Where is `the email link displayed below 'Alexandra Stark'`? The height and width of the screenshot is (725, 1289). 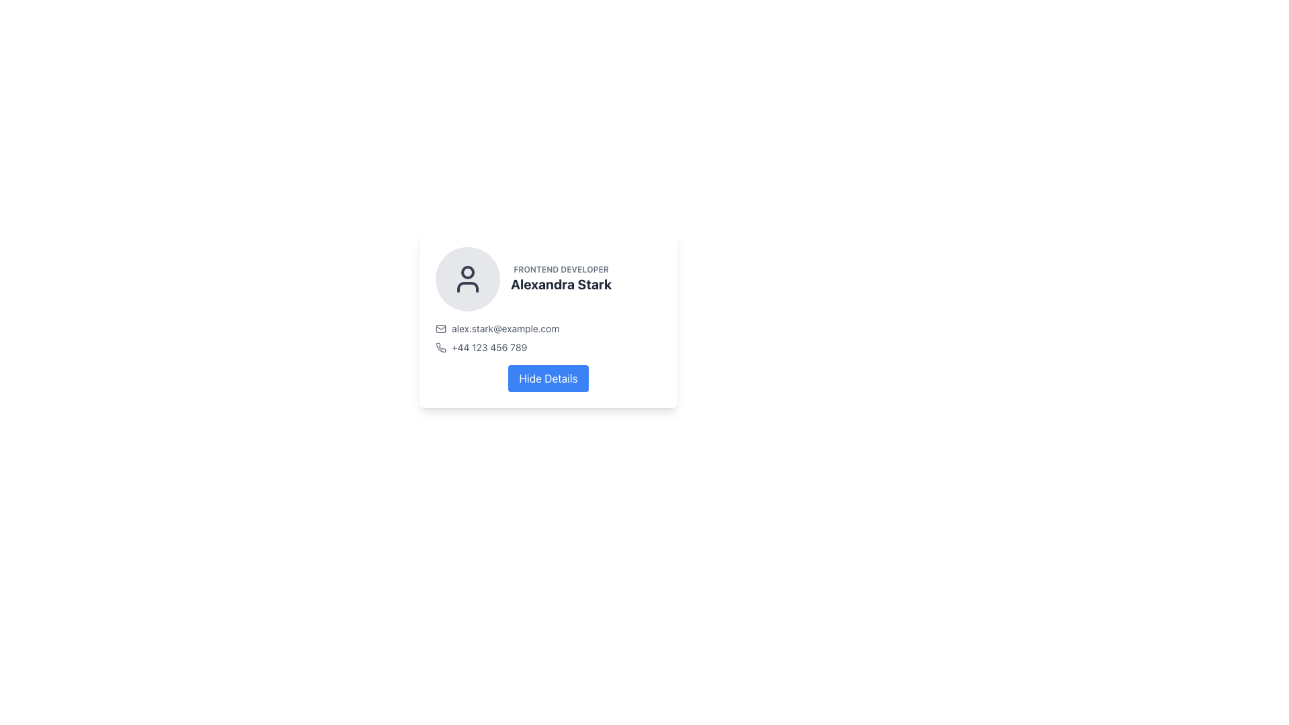 the email link displayed below 'Alexandra Stark' is located at coordinates (548, 328).